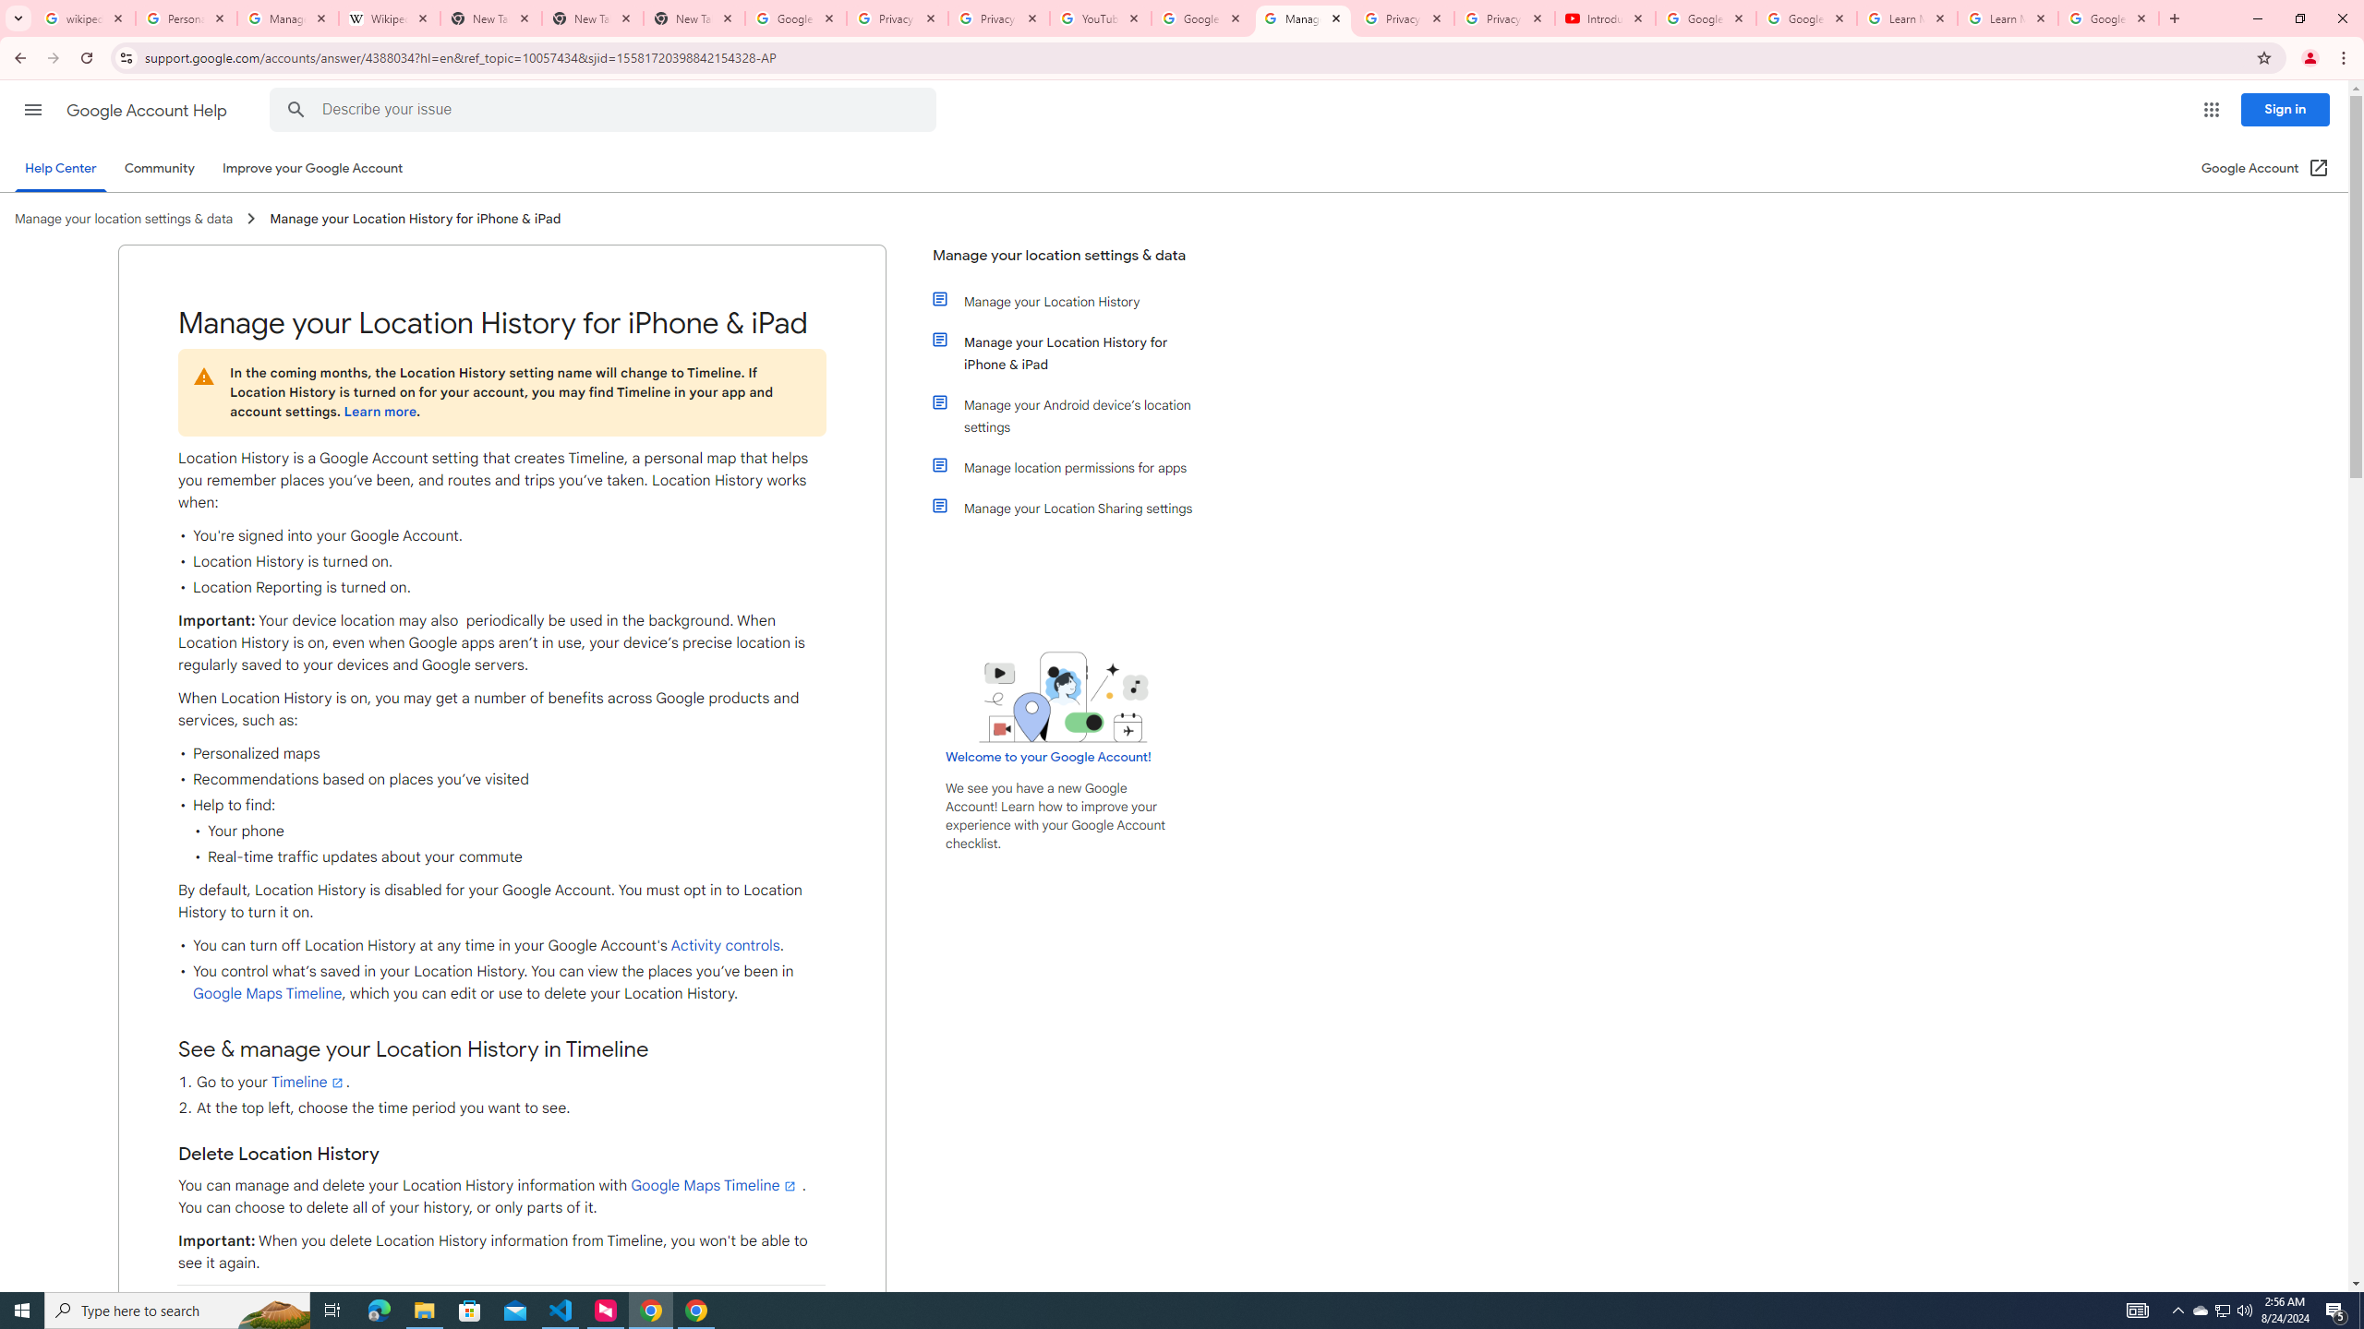 The height and width of the screenshot is (1329, 2364). Describe the element at coordinates (186, 18) in the screenshot. I see `'Personalization & Google Search results - Google Search Help'` at that location.